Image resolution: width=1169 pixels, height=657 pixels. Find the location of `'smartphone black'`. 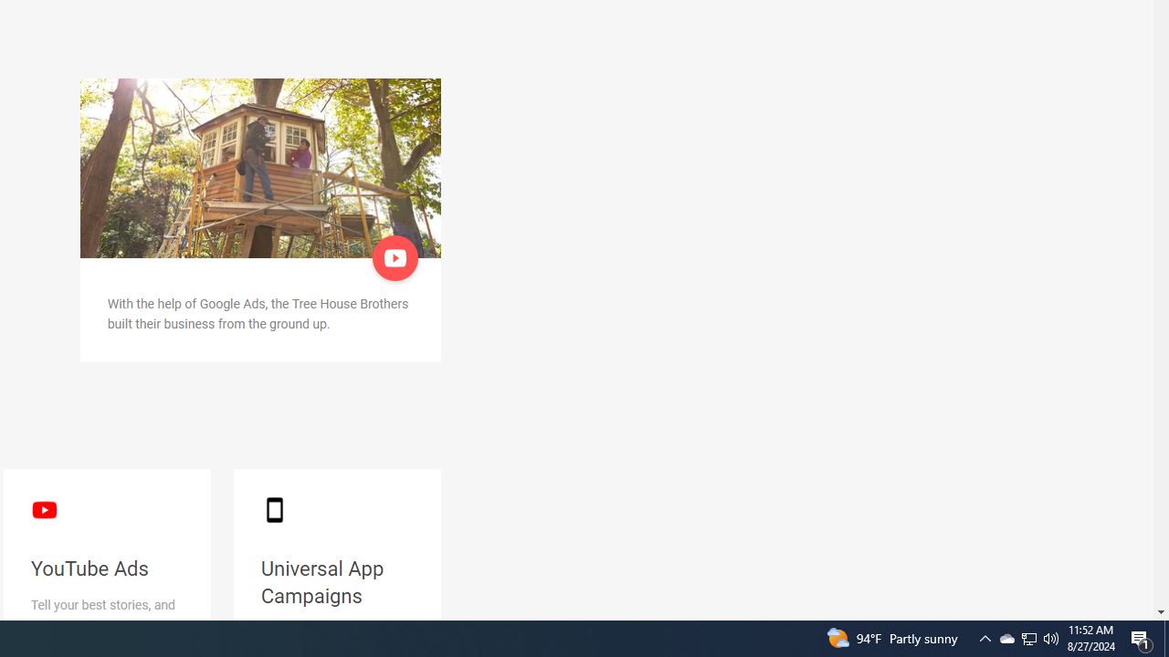

'smartphone black' is located at coordinates (273, 510).